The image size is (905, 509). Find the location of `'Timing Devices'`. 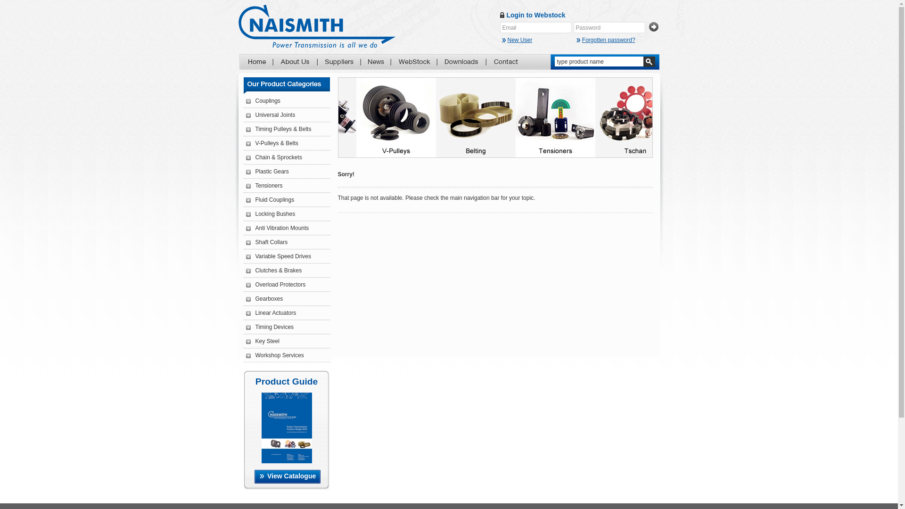

'Timing Devices' is located at coordinates (269, 327).